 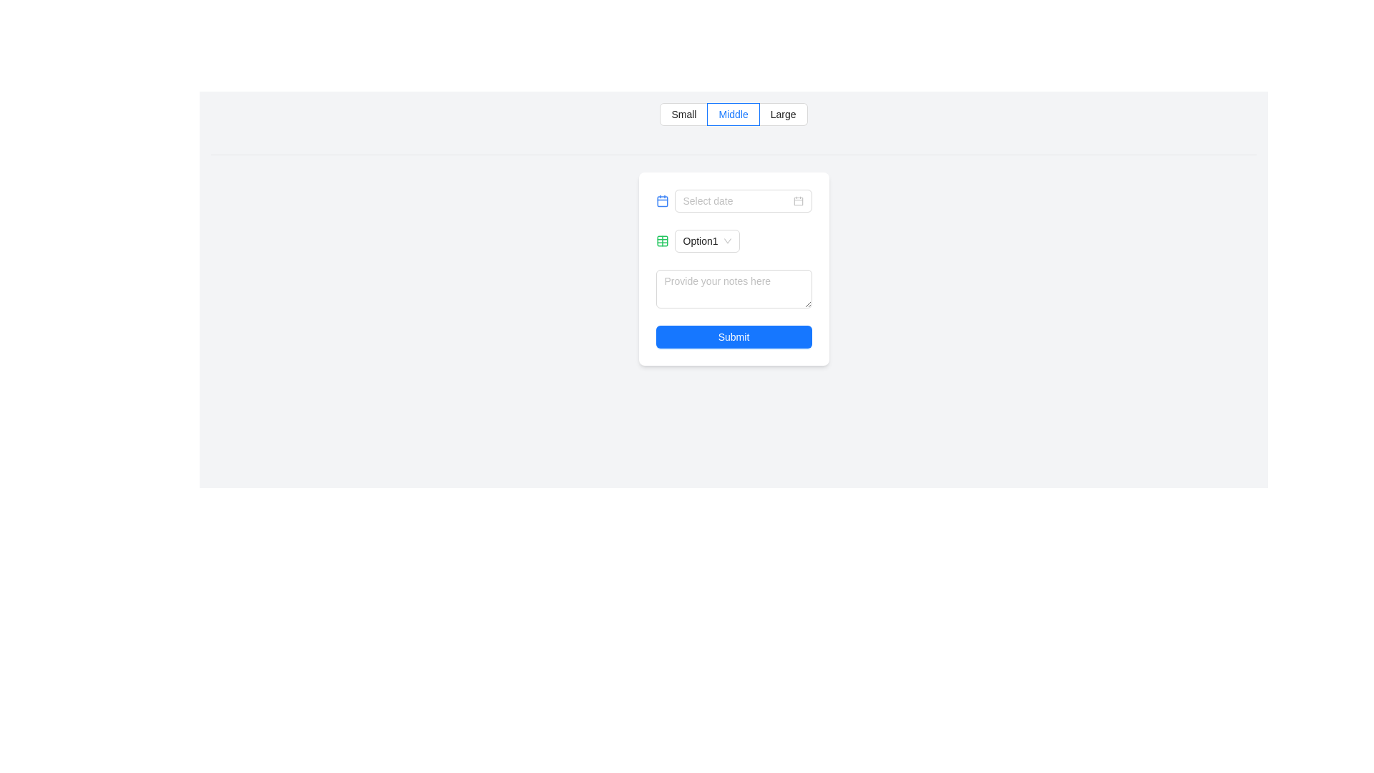 What do you see at coordinates (661, 240) in the screenshot?
I see `the icon adjacent to the 'Option1' dropdown within the compact card in the middle of the page` at bounding box center [661, 240].